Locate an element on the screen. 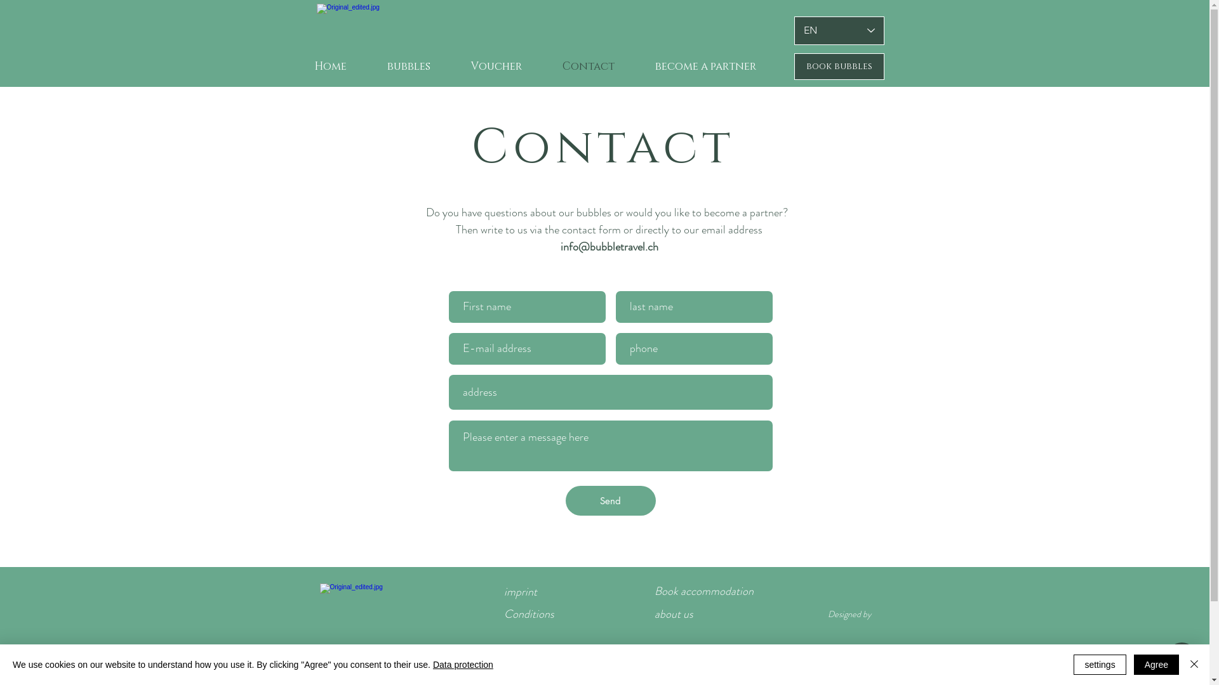 This screenshot has height=685, width=1219. 'Send' is located at coordinates (564, 500).